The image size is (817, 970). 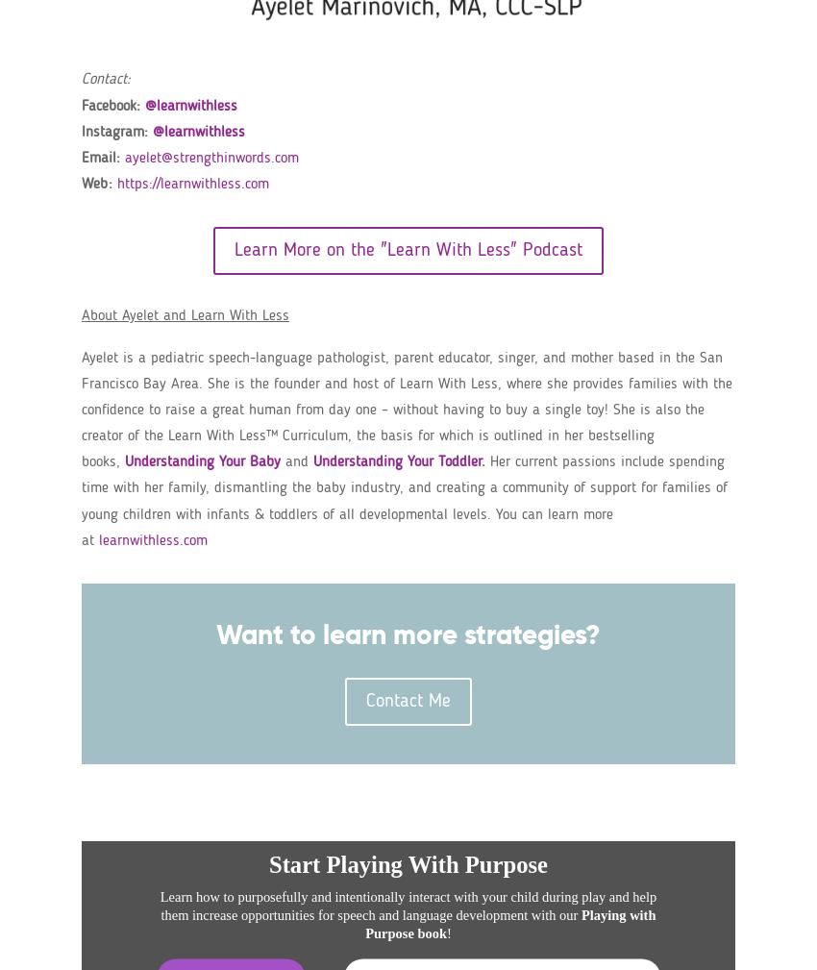 What do you see at coordinates (296, 460) in the screenshot?
I see `'and'` at bounding box center [296, 460].